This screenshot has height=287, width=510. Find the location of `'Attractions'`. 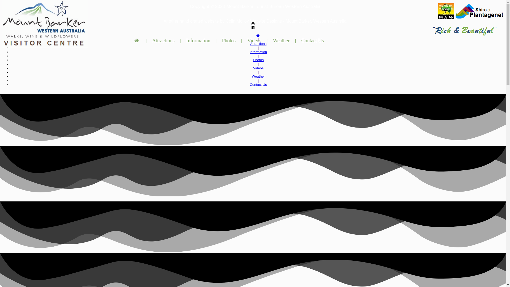

'Attractions' is located at coordinates (163, 40).